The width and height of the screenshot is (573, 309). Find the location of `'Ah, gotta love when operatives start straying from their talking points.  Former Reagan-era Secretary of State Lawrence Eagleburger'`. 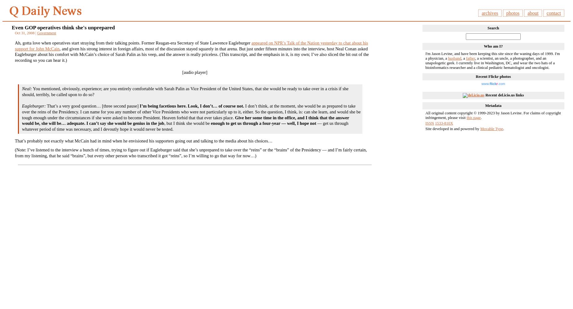

'Ah, gotta love when operatives start straying from their talking points.  Former Reagan-era Secretary of State Lawrence Eagleburger' is located at coordinates (133, 43).